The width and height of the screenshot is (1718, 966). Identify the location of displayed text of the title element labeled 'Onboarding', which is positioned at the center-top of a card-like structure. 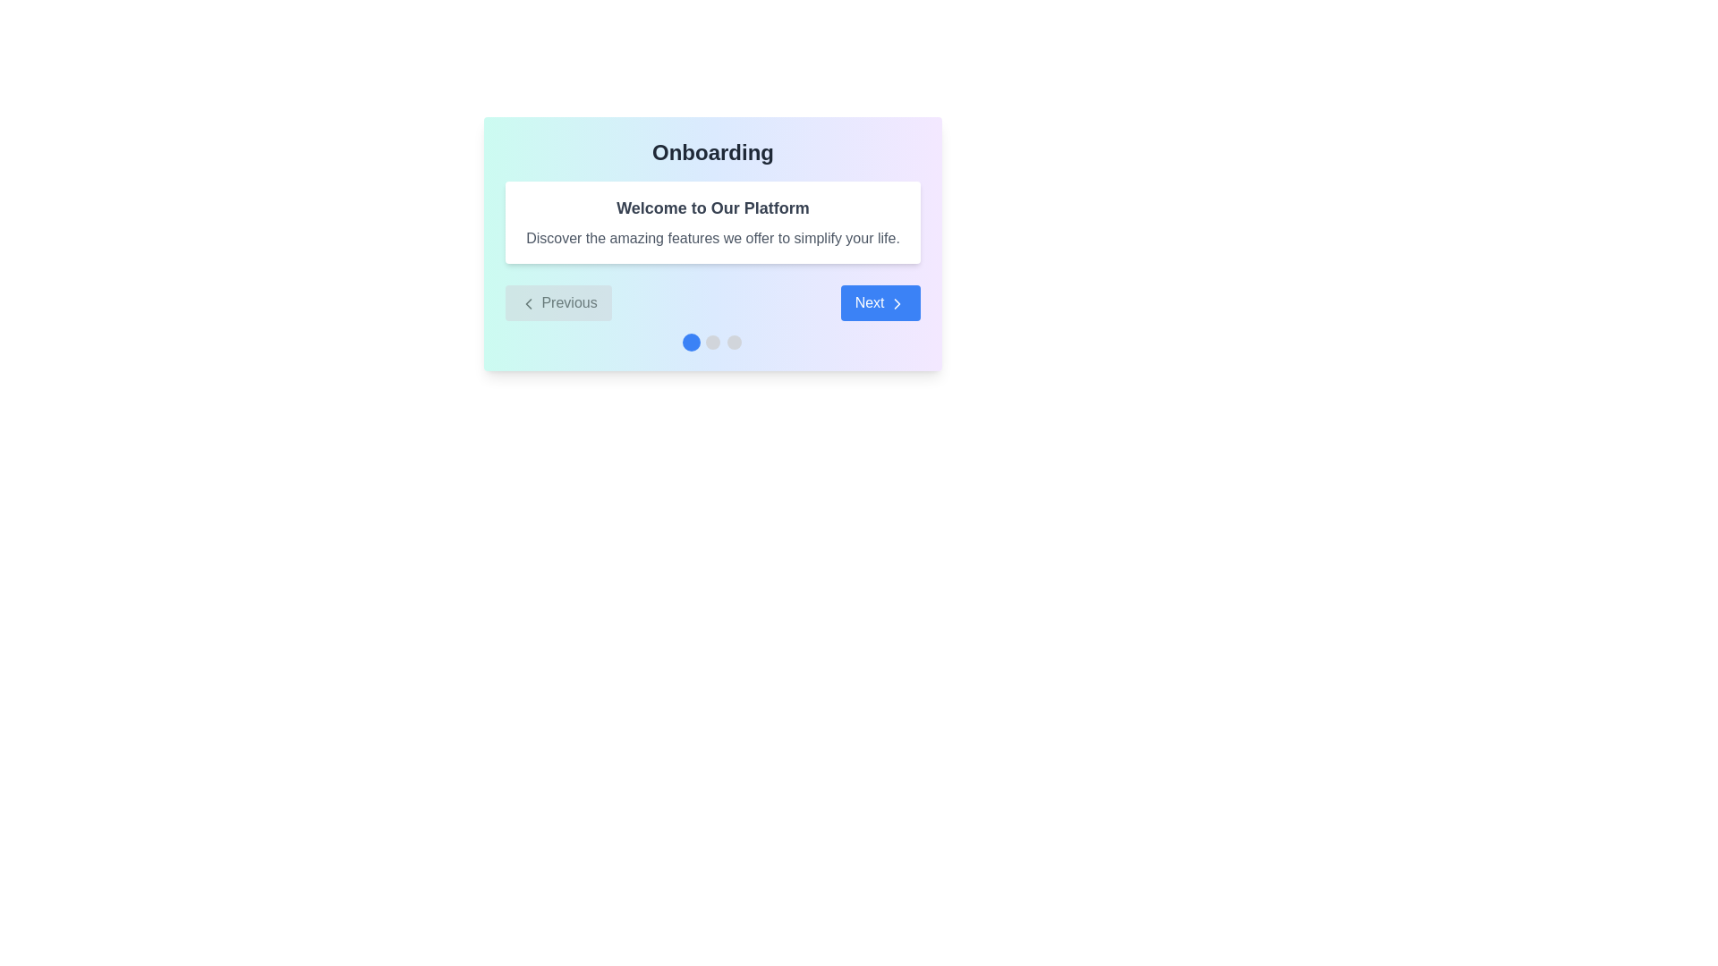
(711, 151).